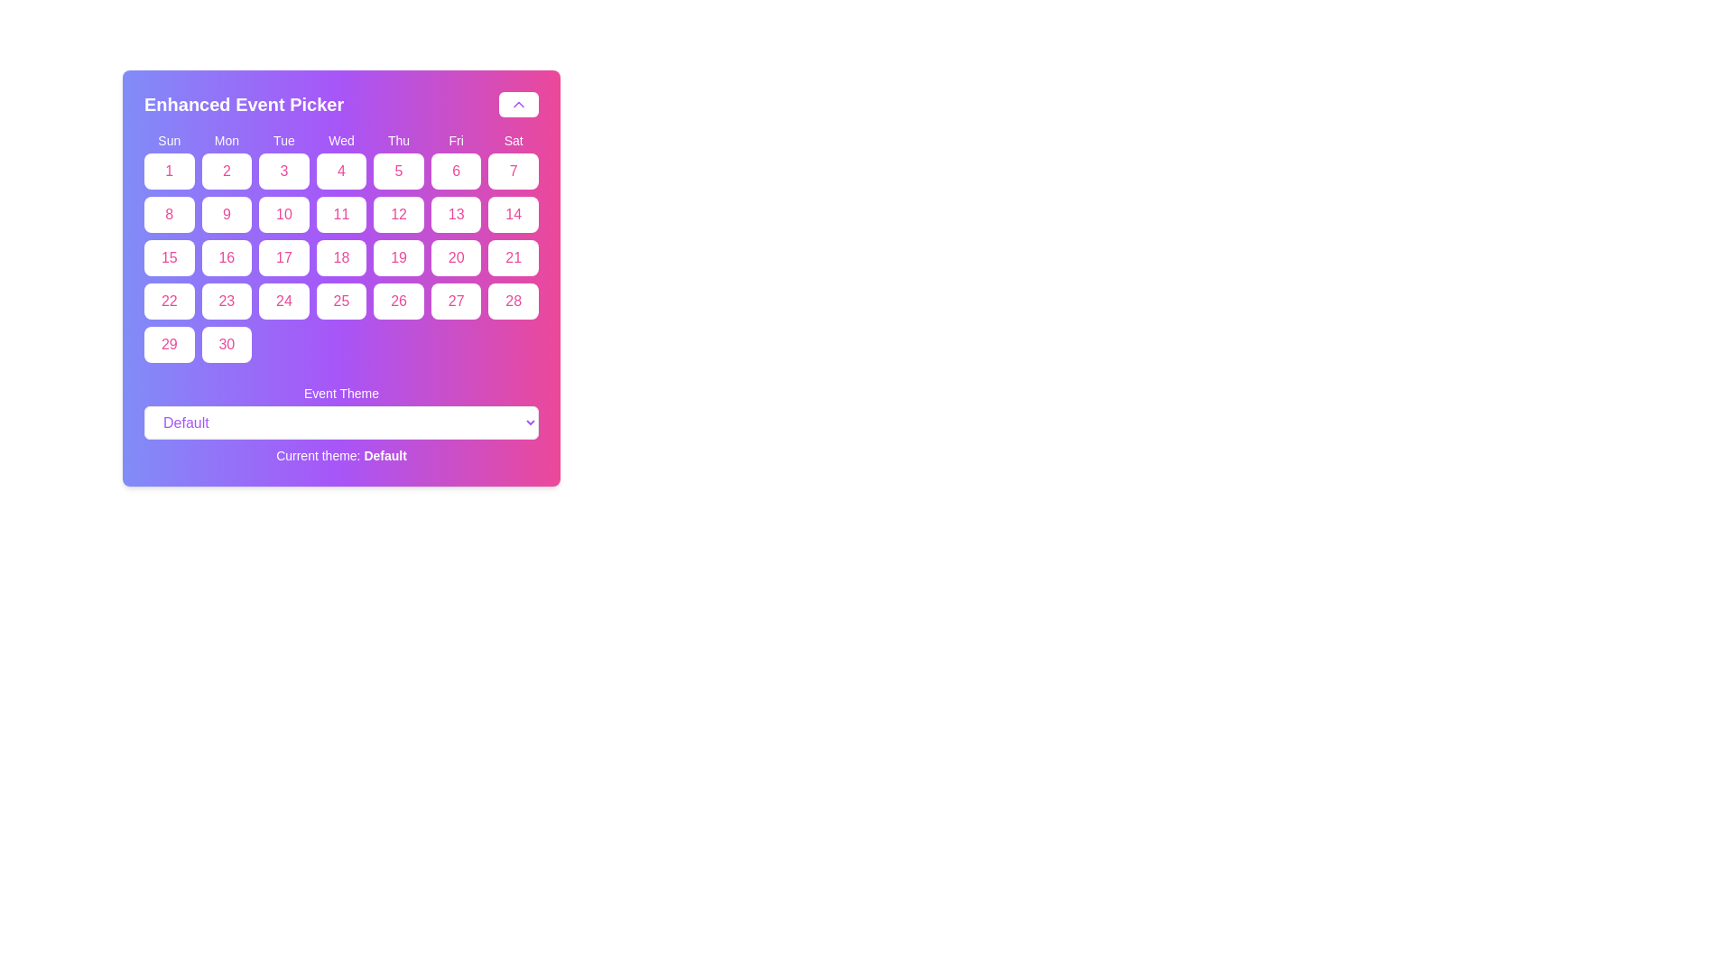 Image resolution: width=1733 pixels, height=975 pixels. I want to click on the 28th day button, so click(513, 301).